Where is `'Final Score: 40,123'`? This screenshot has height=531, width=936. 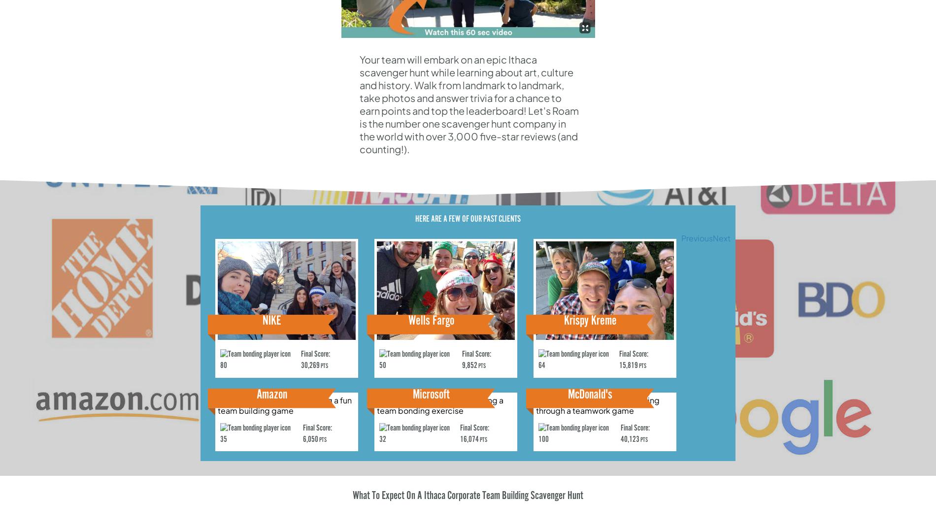
'Final Score: 40,123' is located at coordinates (620, 433).